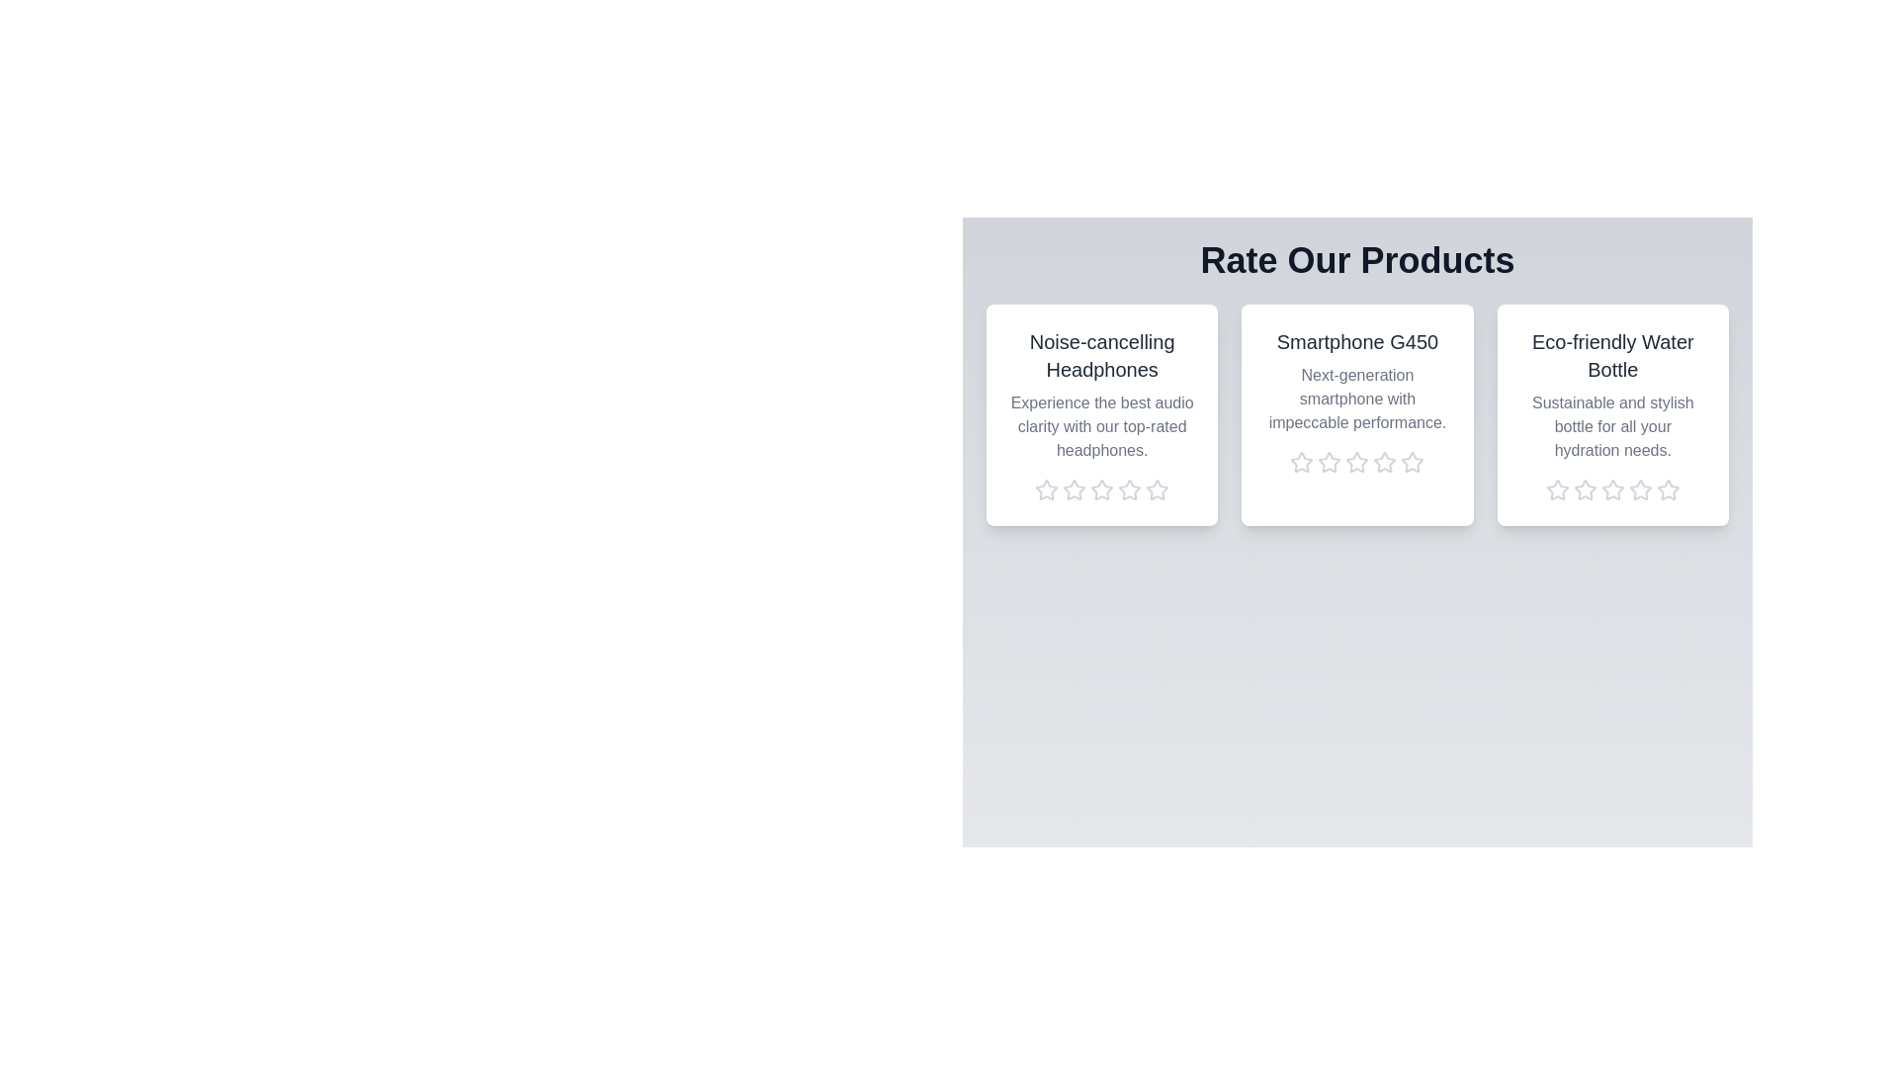 Image resolution: width=1898 pixels, height=1068 pixels. Describe the element at coordinates (1612, 489) in the screenshot. I see `the rating of the product 'Eco-friendly Water Bottle' to 3 stars` at that location.